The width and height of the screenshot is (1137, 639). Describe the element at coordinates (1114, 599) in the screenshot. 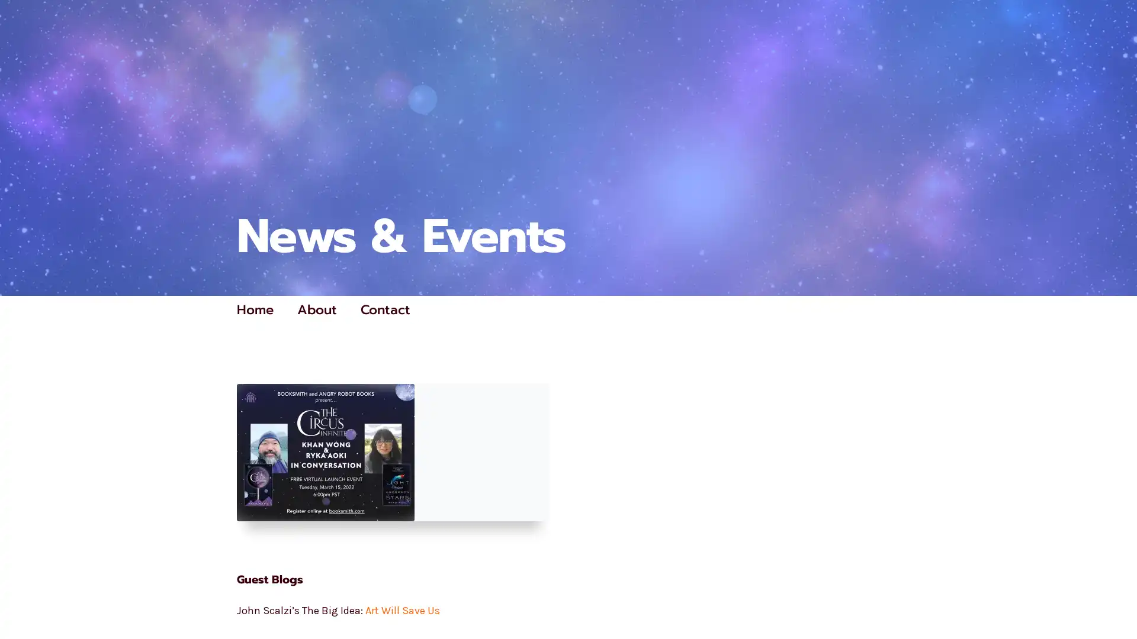

I see `Scroll to top` at that location.